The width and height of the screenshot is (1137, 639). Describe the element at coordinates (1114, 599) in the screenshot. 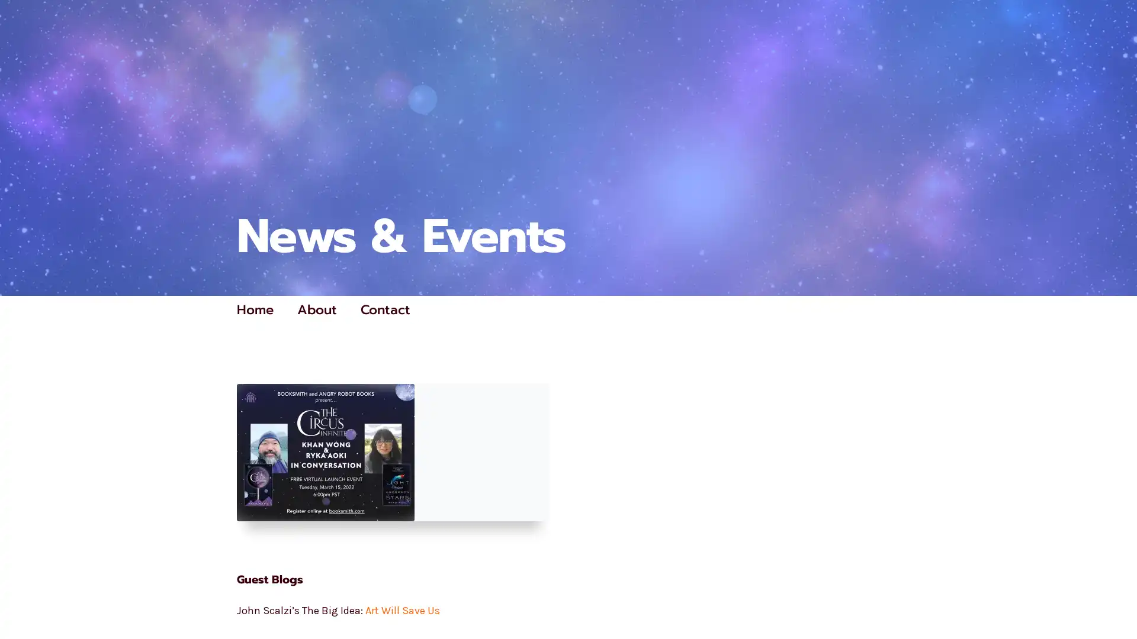

I see `Scroll to top` at that location.